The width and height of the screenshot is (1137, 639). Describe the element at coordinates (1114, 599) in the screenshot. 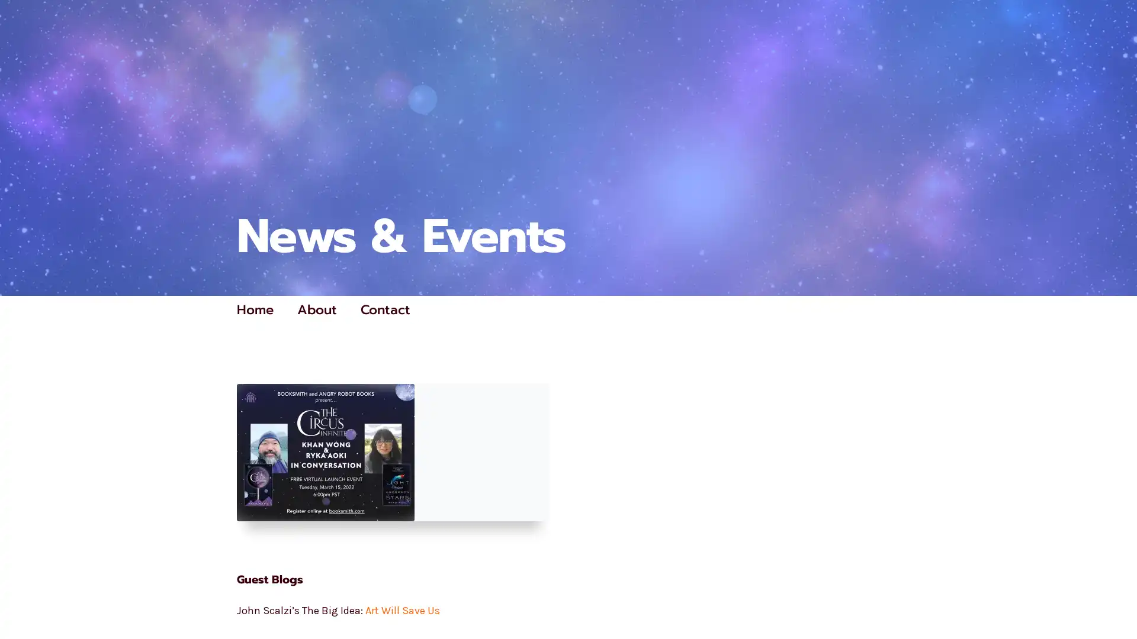

I see `Scroll to top` at that location.